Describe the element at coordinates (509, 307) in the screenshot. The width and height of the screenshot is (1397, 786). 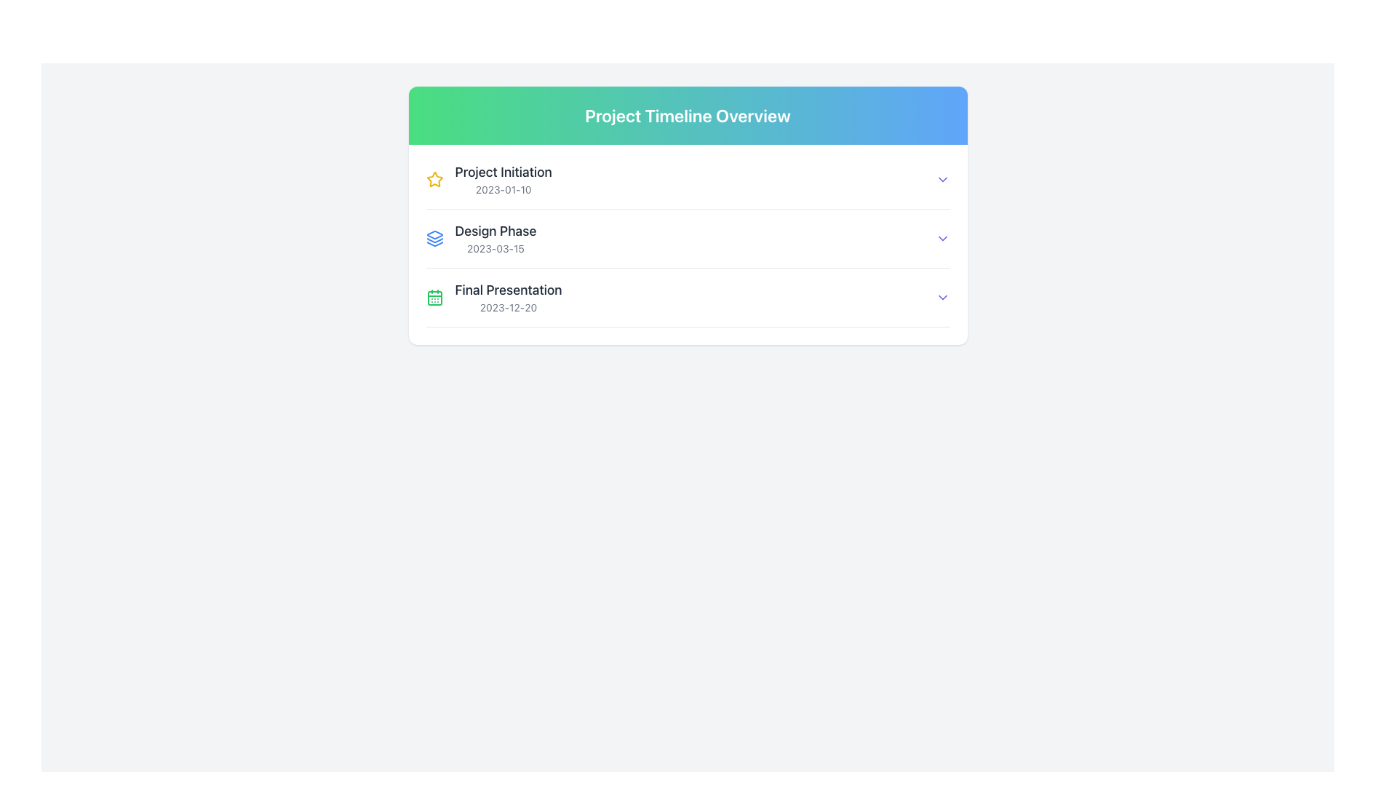
I see `the date text label formatted as '2023-12-20' located underneath 'Final Presentation' in the 'Project Timeline Overview' section, which is styled in a smaller gray font` at that location.